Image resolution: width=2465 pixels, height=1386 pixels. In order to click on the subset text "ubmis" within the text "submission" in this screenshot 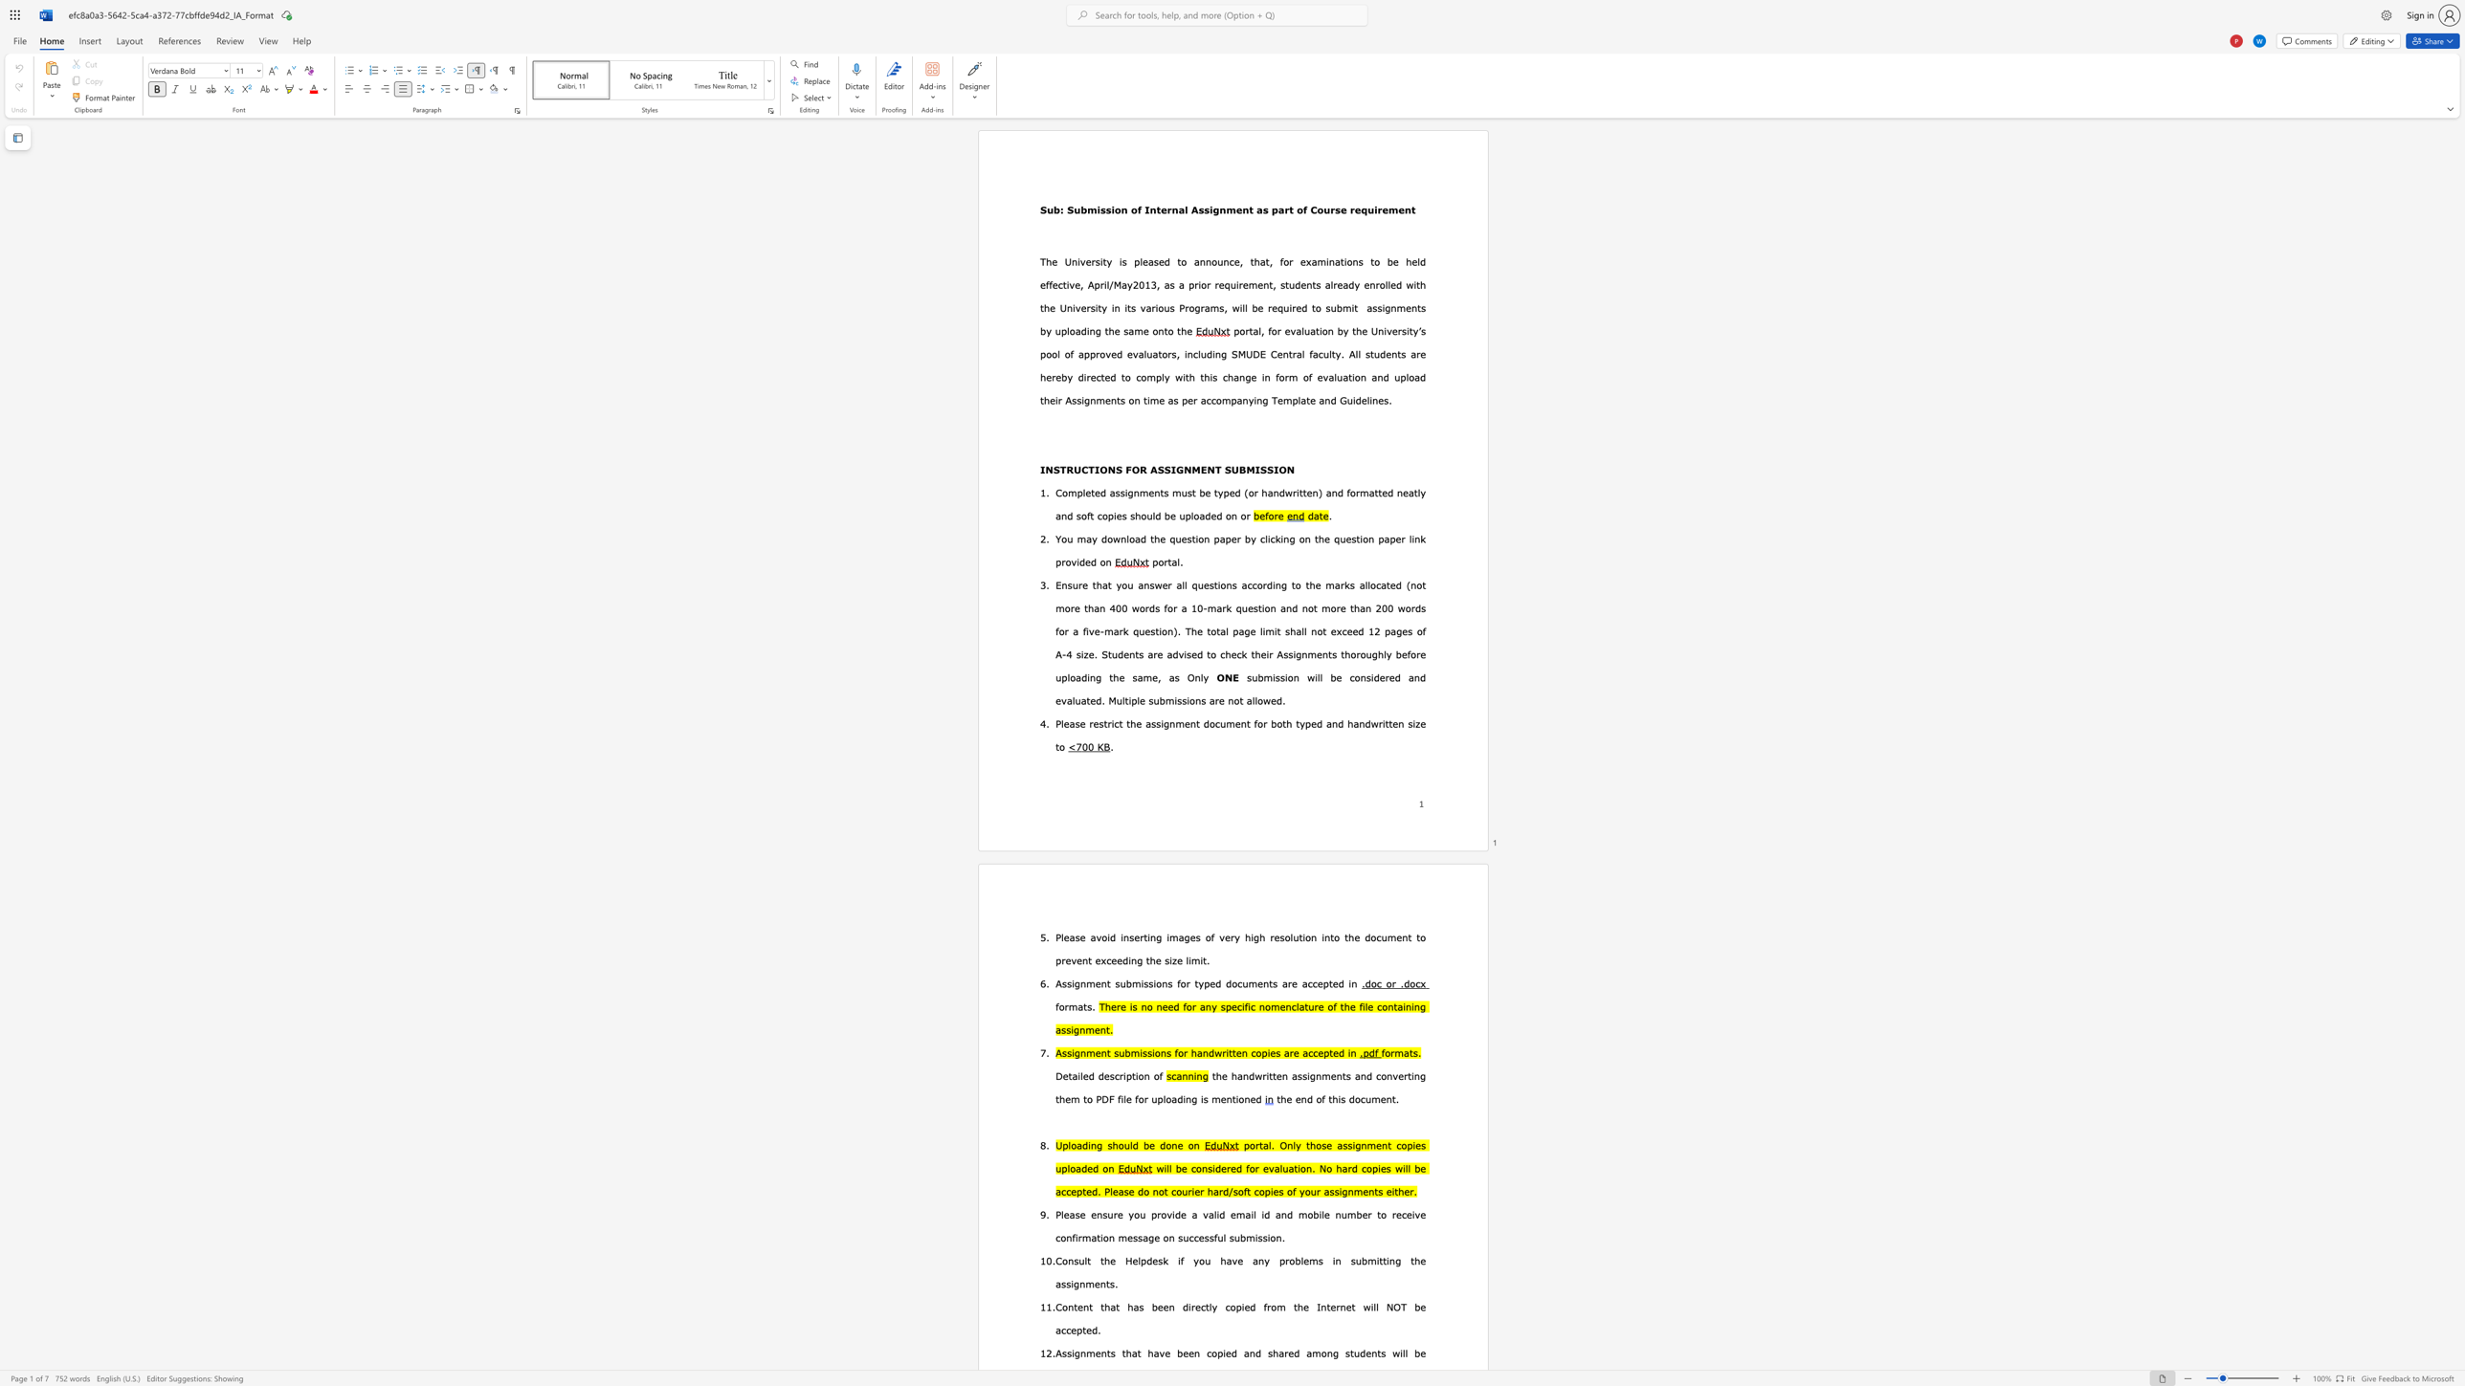, I will do `click(1251, 677)`.